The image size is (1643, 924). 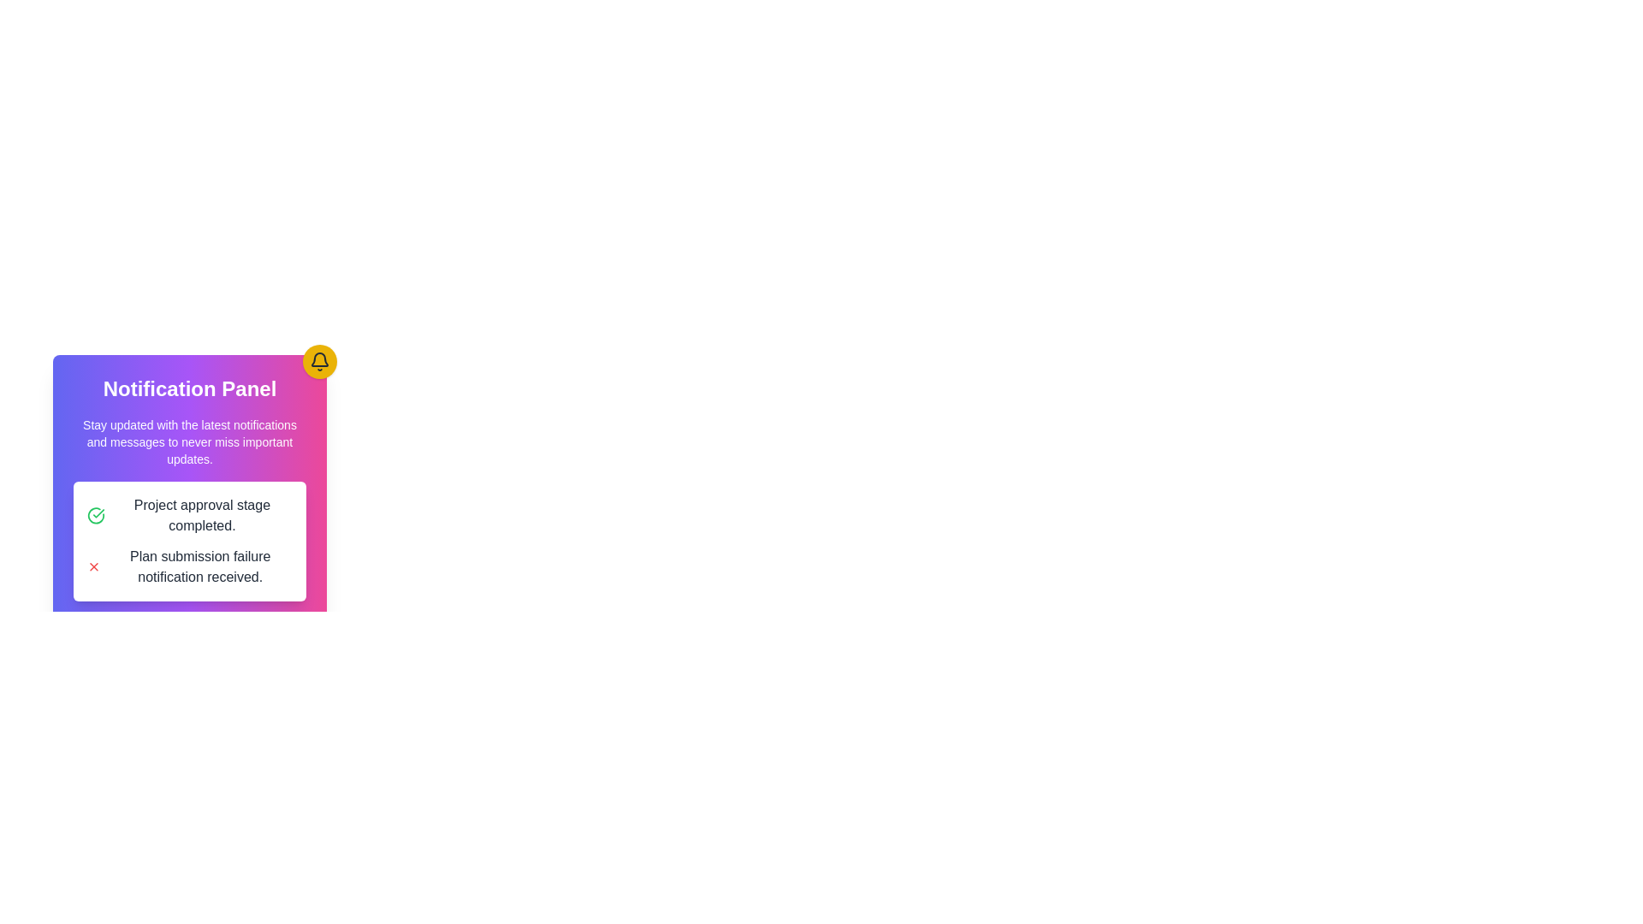 What do you see at coordinates (320, 361) in the screenshot?
I see `the yellow Interactive Badge (Notification Indicator) located at the top-right corner of the Notification Panel card` at bounding box center [320, 361].